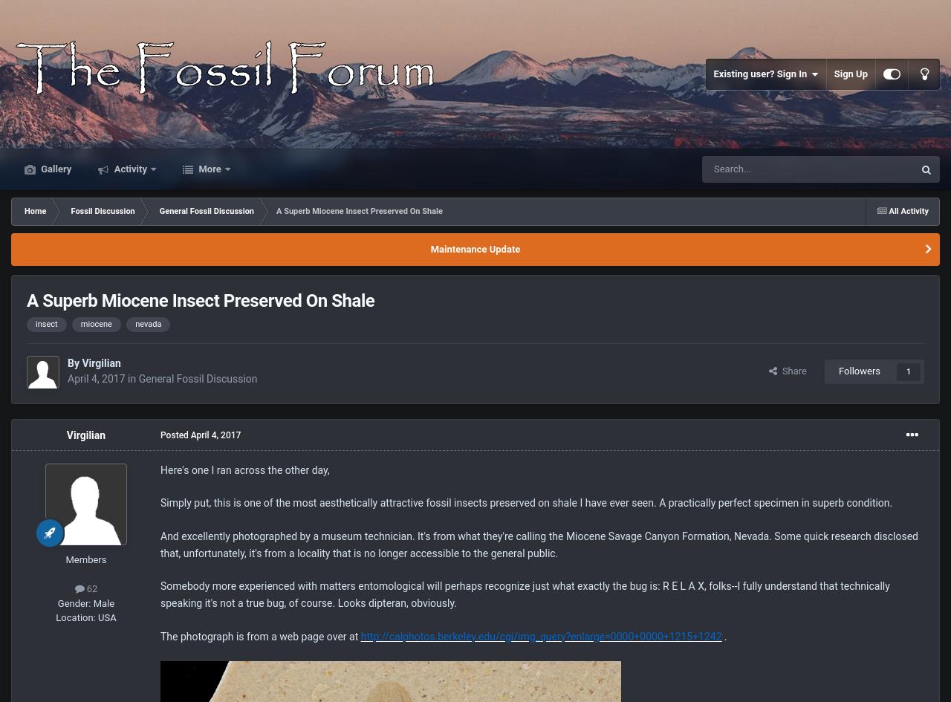 The image size is (951, 702). Describe the element at coordinates (85, 558) in the screenshot. I see `'Members'` at that location.